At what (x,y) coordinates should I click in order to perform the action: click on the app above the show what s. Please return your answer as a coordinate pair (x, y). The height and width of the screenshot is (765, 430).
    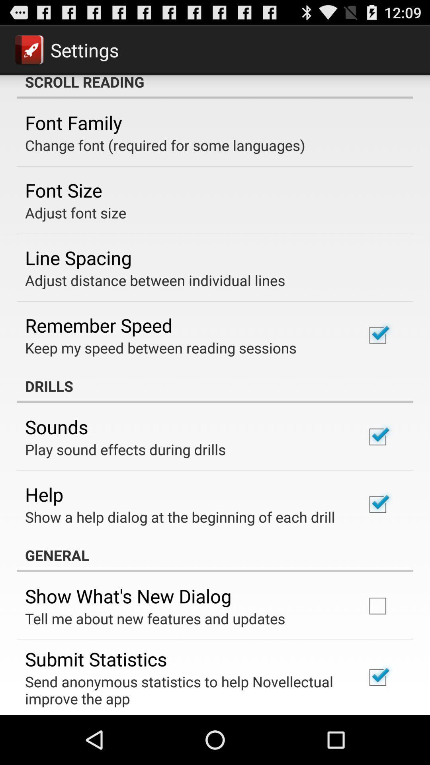
    Looking at the image, I should click on (215, 555).